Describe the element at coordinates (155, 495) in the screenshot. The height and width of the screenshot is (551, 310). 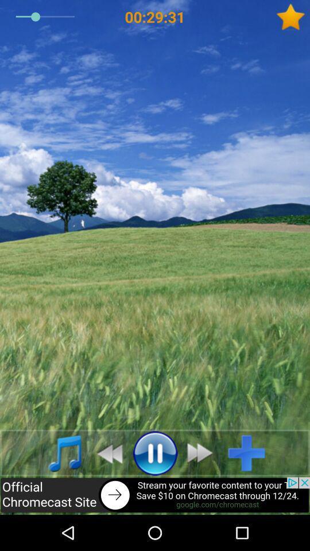
I see `click discription` at that location.